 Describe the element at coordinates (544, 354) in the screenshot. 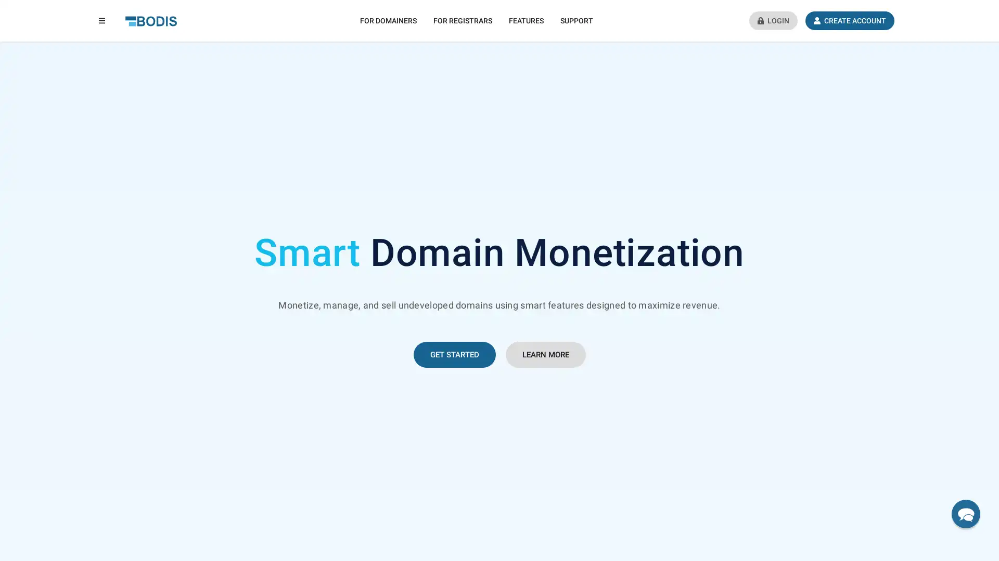

I see `LEARN MORE` at that location.